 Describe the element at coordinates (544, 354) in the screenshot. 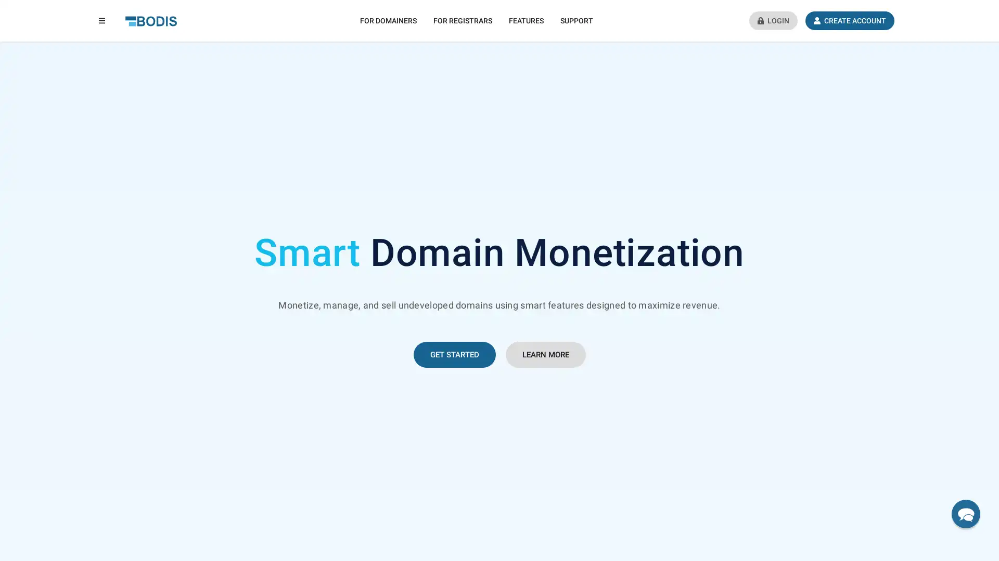

I see `LEARN MORE` at that location.